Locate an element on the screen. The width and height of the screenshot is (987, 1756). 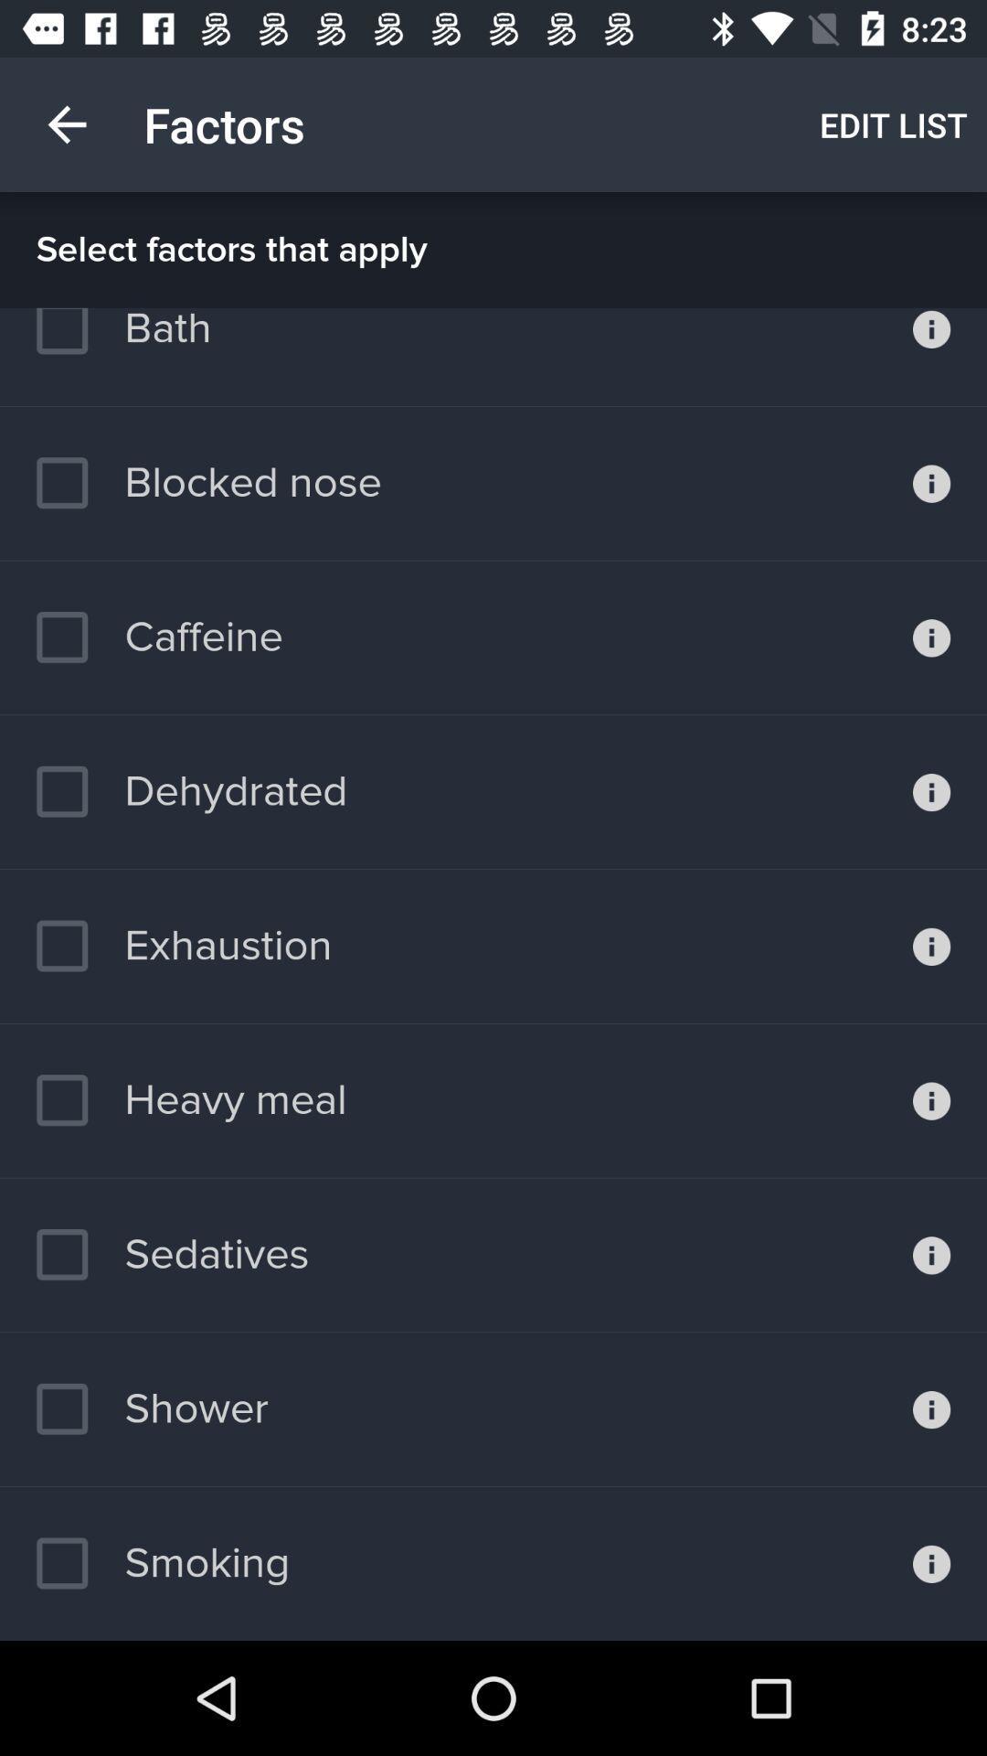
the item next to factors item is located at coordinates (893, 123).